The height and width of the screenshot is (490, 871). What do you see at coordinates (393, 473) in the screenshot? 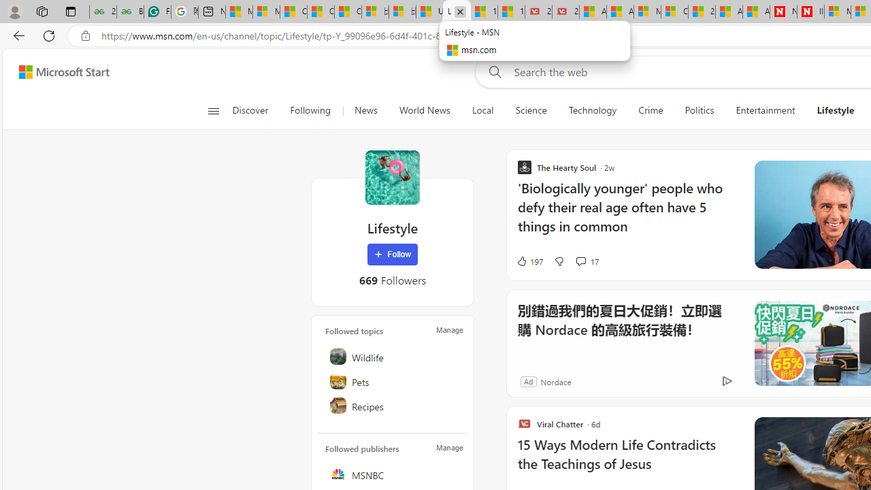
I see `'MSNBC'` at bounding box center [393, 473].